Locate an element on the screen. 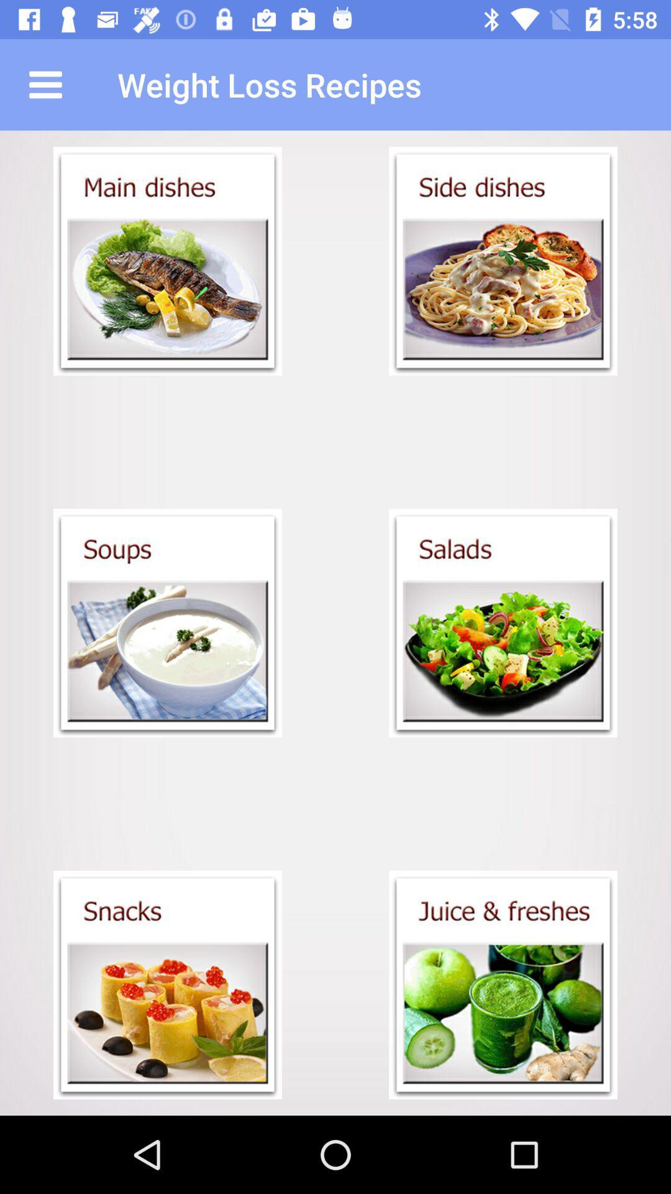  see soup recipes is located at coordinates (168, 623).